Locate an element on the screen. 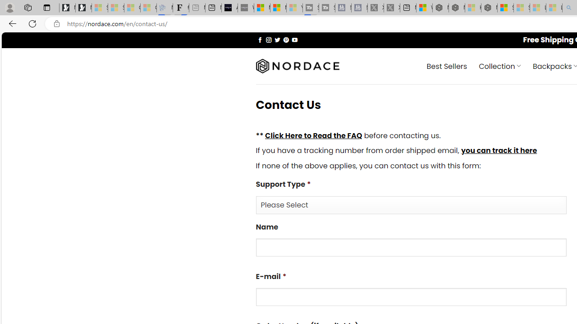  ' Best Sellers' is located at coordinates (447, 65).